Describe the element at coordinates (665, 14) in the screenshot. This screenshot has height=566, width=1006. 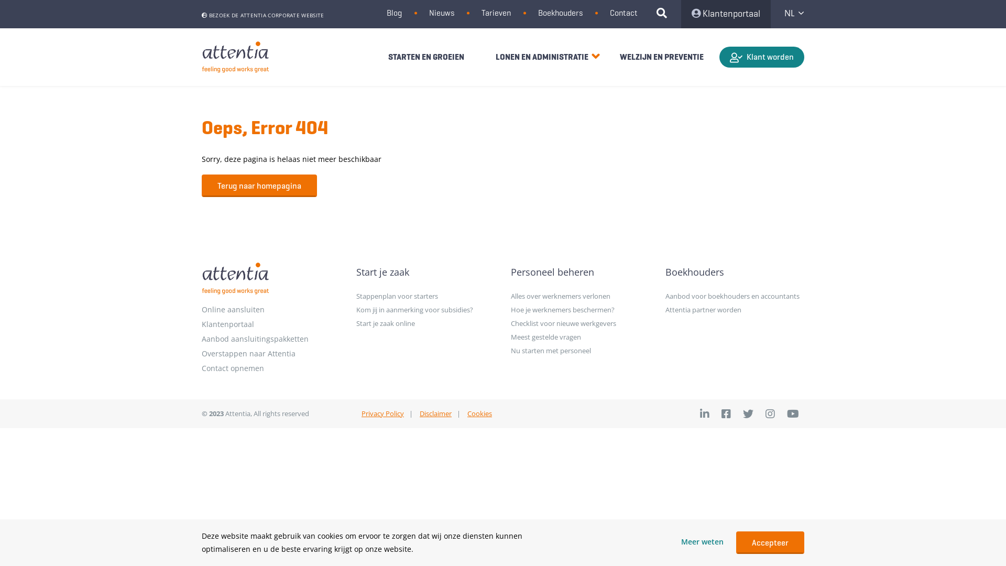
I see `'Search'` at that location.